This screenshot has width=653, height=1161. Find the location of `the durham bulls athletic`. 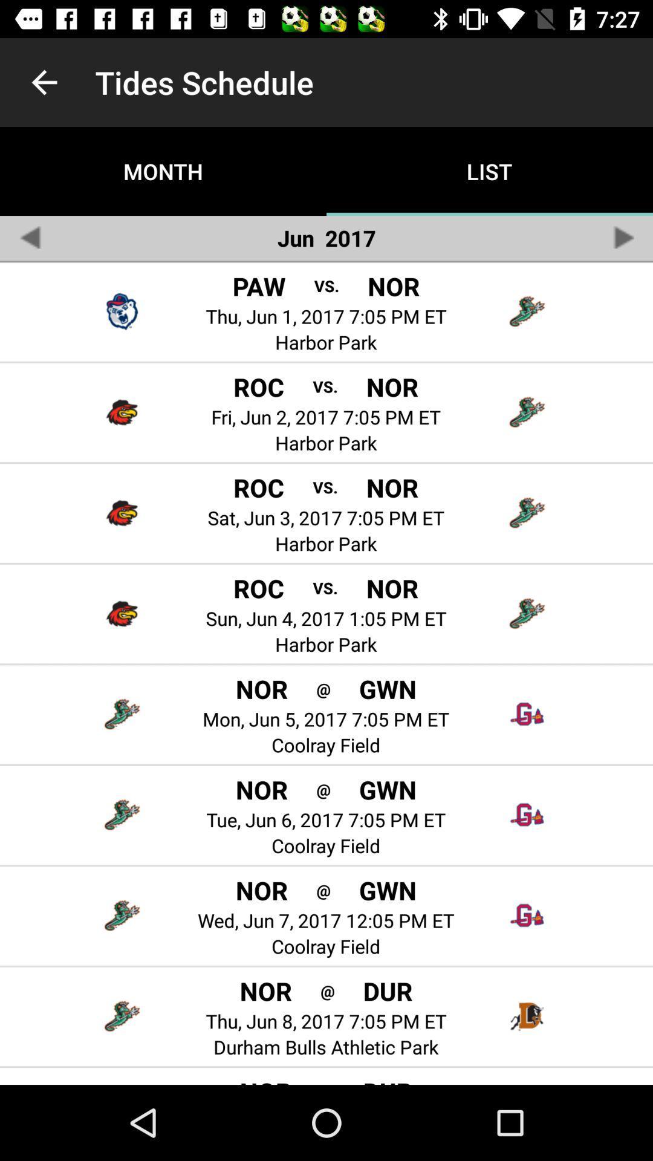

the durham bulls athletic is located at coordinates (325, 1046).